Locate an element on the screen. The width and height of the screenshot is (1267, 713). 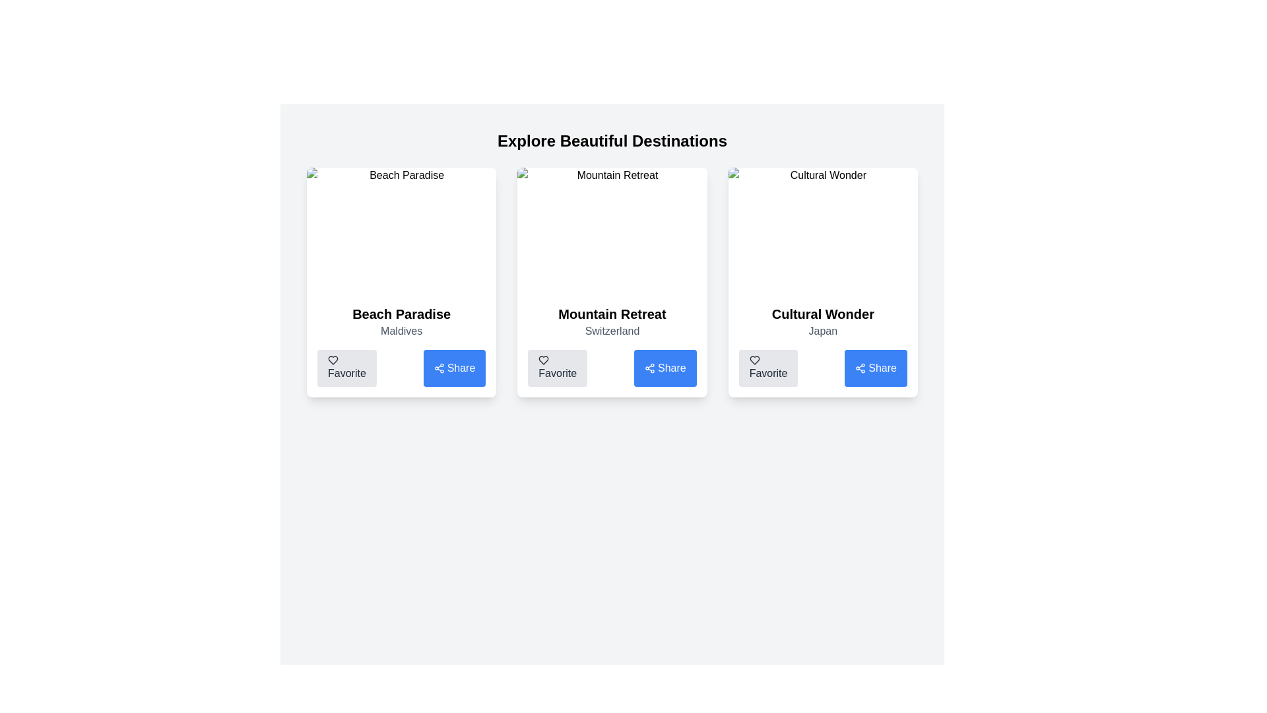
the image at the top of the 'Mountain Retreat' card is located at coordinates (611, 230).